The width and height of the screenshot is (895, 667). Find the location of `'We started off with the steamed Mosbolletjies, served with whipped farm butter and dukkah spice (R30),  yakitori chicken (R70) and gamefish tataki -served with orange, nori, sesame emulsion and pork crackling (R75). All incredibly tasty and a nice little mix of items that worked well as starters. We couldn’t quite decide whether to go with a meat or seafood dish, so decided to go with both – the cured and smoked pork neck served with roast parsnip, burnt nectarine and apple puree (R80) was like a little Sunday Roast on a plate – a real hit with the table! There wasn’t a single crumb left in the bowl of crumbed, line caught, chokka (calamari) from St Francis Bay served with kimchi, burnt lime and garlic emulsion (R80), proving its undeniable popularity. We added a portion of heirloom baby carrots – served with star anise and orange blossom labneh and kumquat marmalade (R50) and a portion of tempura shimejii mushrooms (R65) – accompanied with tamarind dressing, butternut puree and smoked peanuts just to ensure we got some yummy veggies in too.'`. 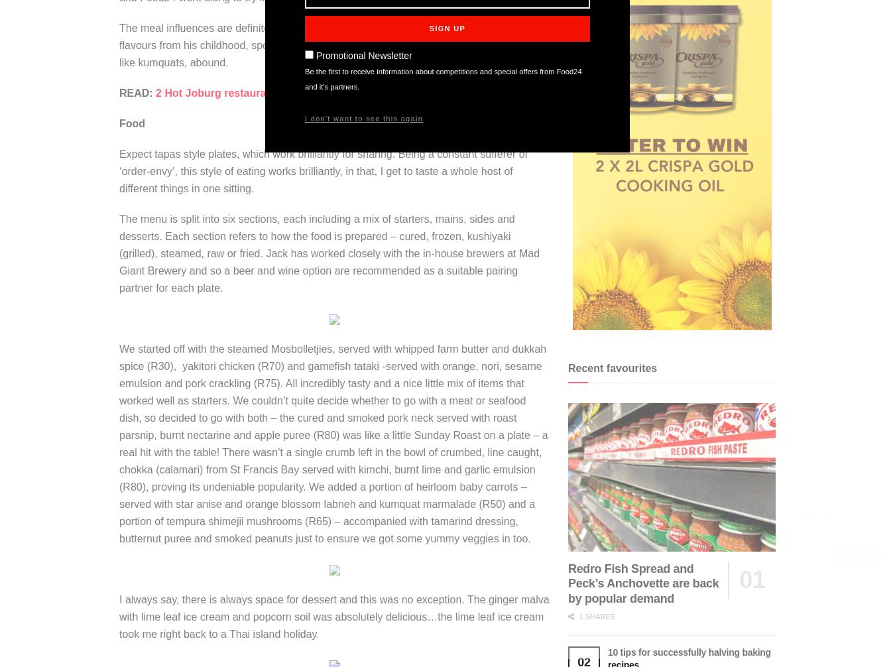

'We started off with the steamed Mosbolletjies, served with whipped farm butter and dukkah spice (R30),  yakitori chicken (R70) and gamefish tataki -served with orange, nori, sesame emulsion and pork crackling (R75). All incredibly tasty and a nice little mix of items that worked well as starters. We couldn’t quite decide whether to go with a meat or seafood dish, so decided to go with both – the cured and smoked pork neck served with roast parsnip, burnt nectarine and apple puree (R80) was like a little Sunday Roast on a plate – a real hit with the table! There wasn’t a single crumb left in the bowl of crumbed, line caught, chokka (calamari) from St Francis Bay served with kimchi, burnt lime and garlic emulsion (R80), proving its undeniable popularity. We added a portion of heirloom baby carrots – served with star anise and orange blossom labneh and kumquat marmalade (R50) and a portion of tempura shimejii mushrooms (R65) – accompanied with tamarind dressing, butternut puree and smoked peanuts just to ensure we got some yummy veggies in too.' is located at coordinates (333, 443).